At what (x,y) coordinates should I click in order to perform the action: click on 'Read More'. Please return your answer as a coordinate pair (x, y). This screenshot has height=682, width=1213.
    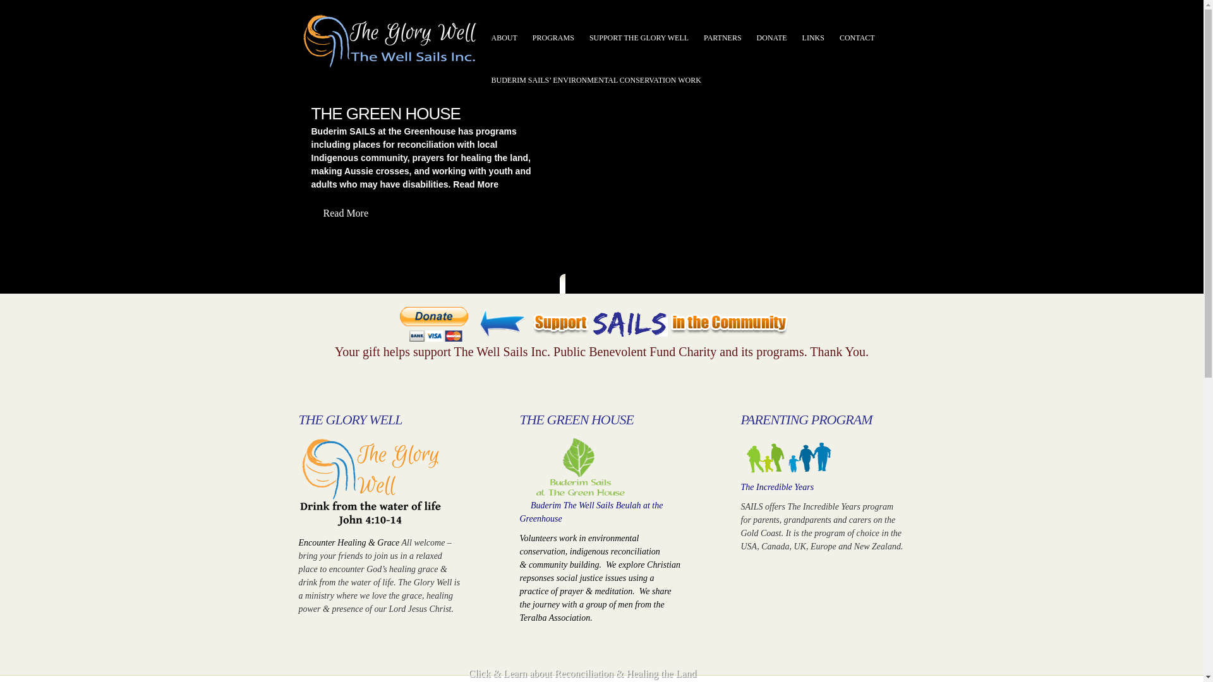
    Looking at the image, I should click on (310, 213).